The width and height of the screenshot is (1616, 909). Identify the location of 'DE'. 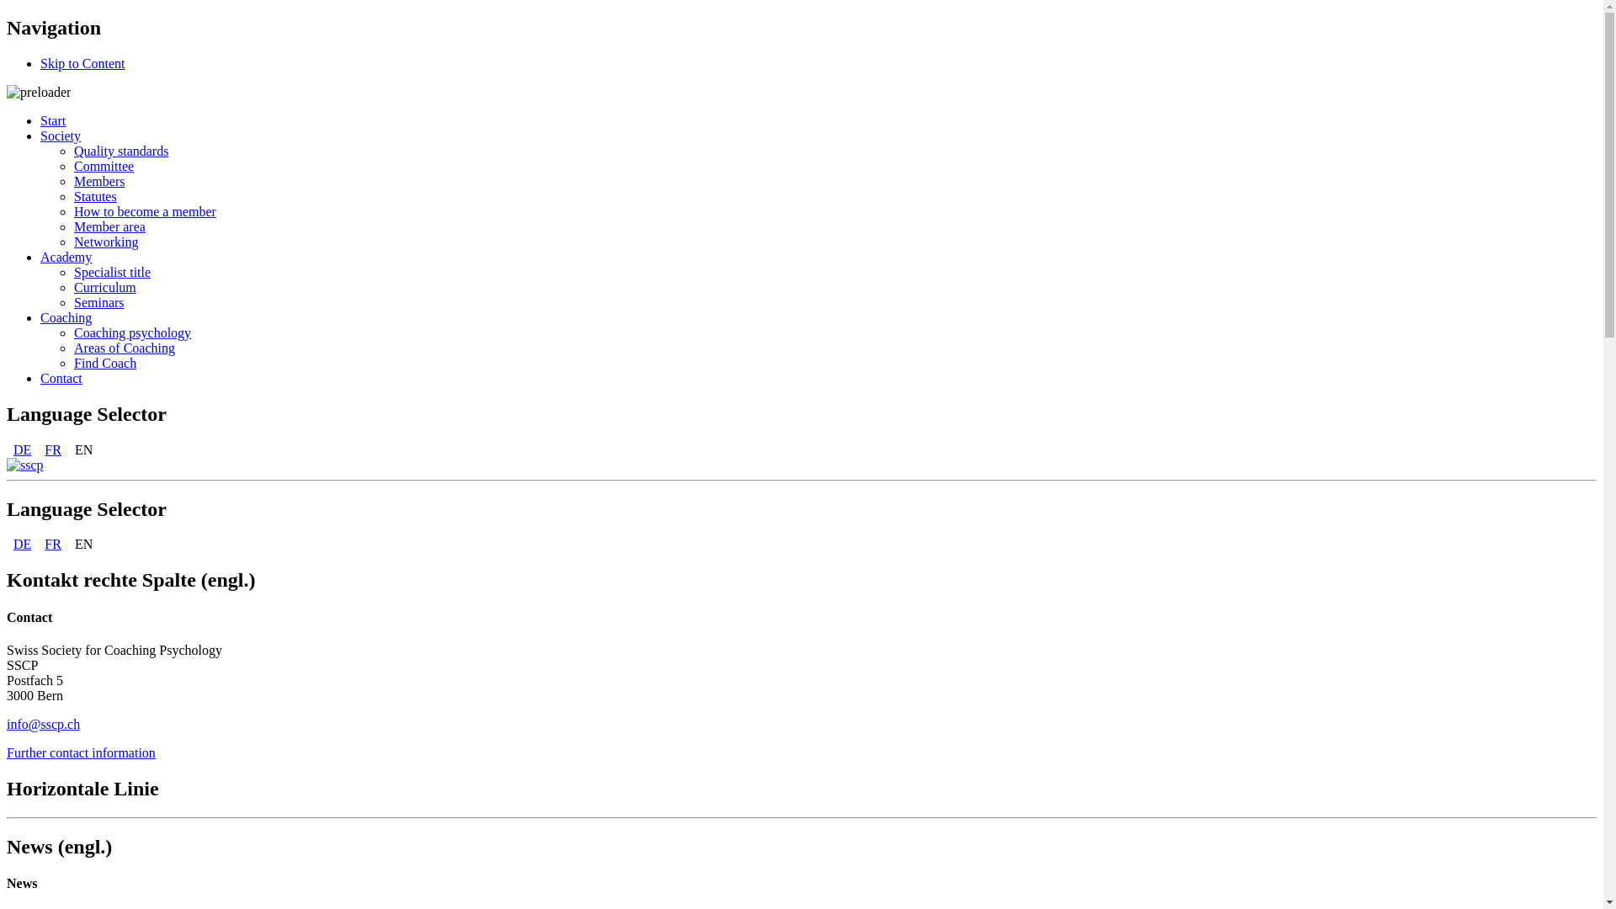
(7, 449).